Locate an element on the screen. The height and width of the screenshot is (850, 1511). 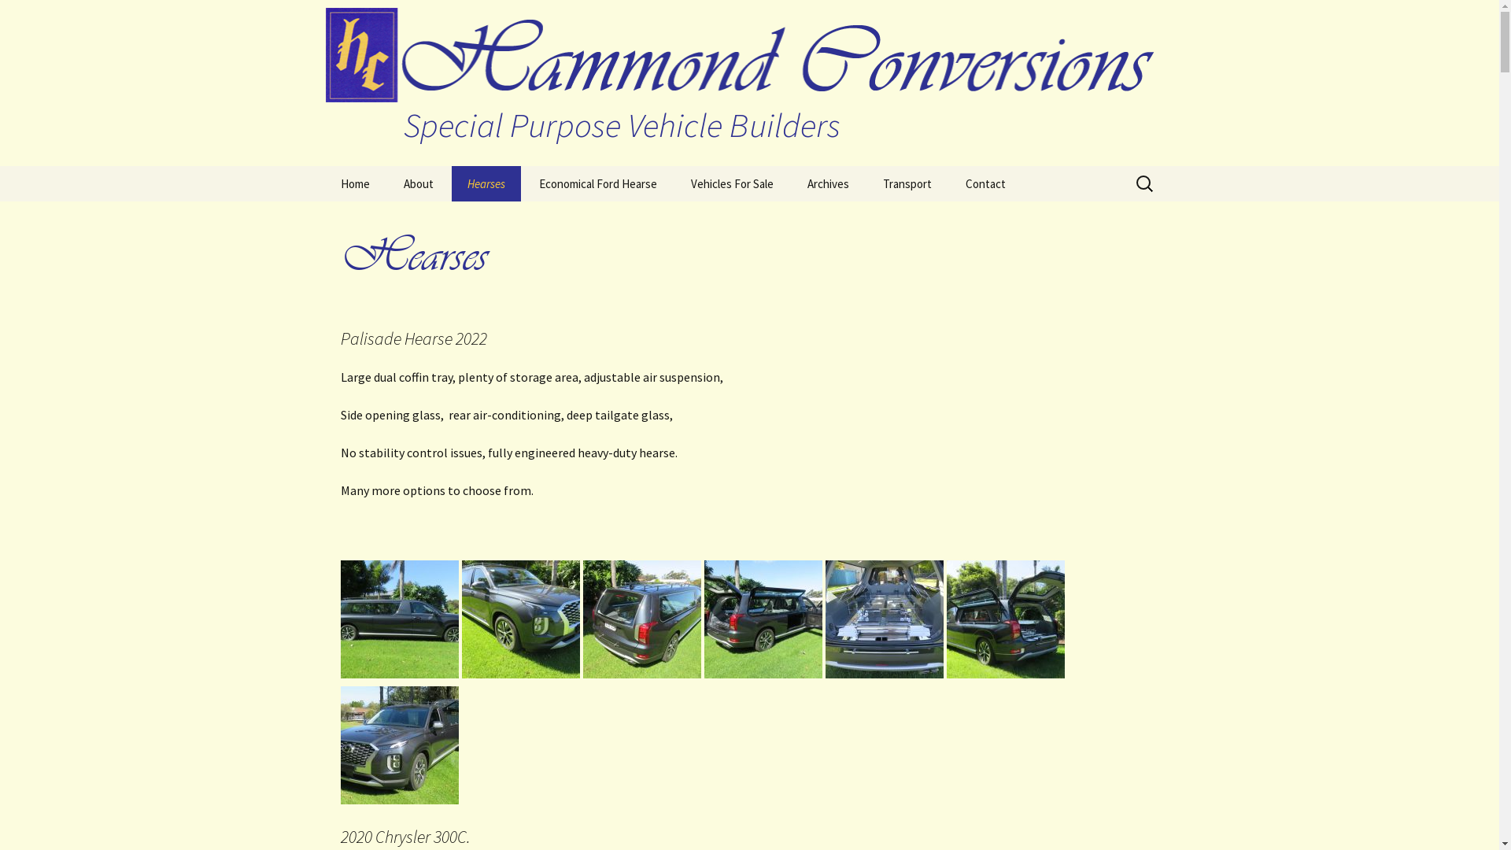
'Archives' is located at coordinates (827, 183).